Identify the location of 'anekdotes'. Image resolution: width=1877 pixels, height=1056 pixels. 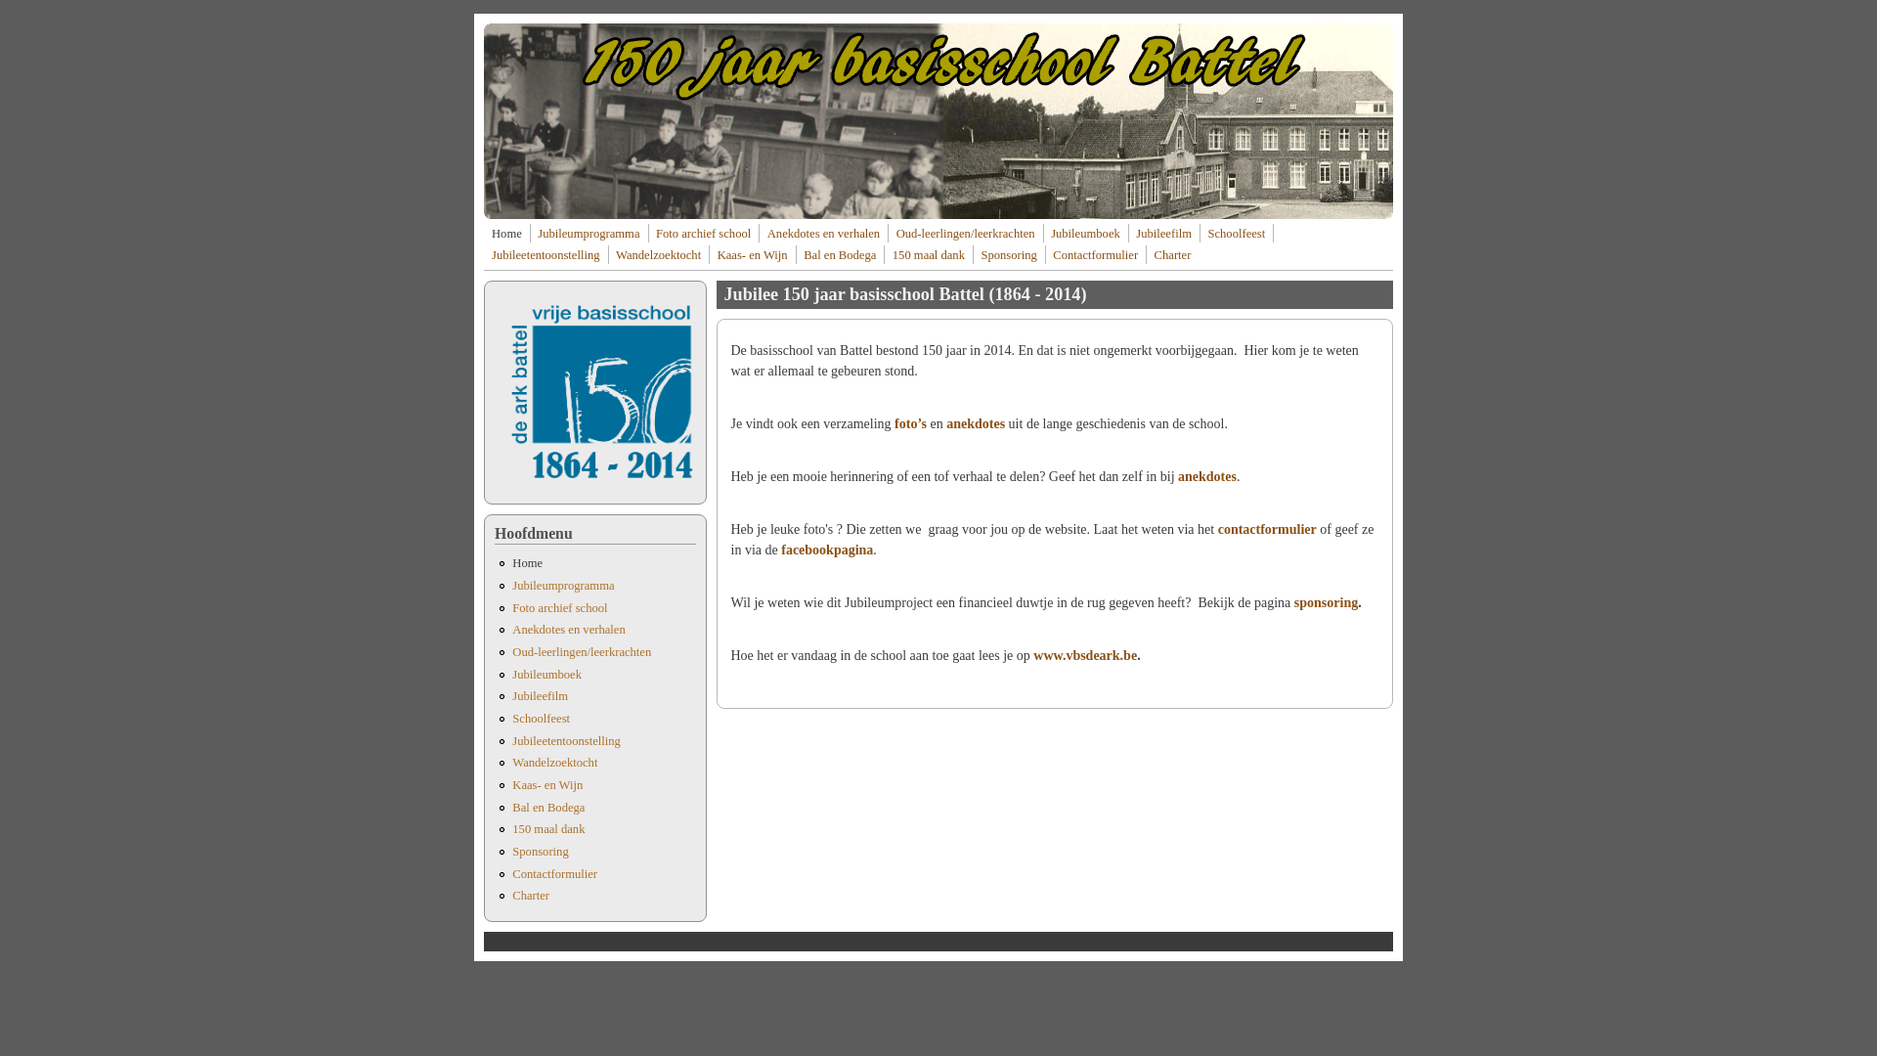
(1205, 476).